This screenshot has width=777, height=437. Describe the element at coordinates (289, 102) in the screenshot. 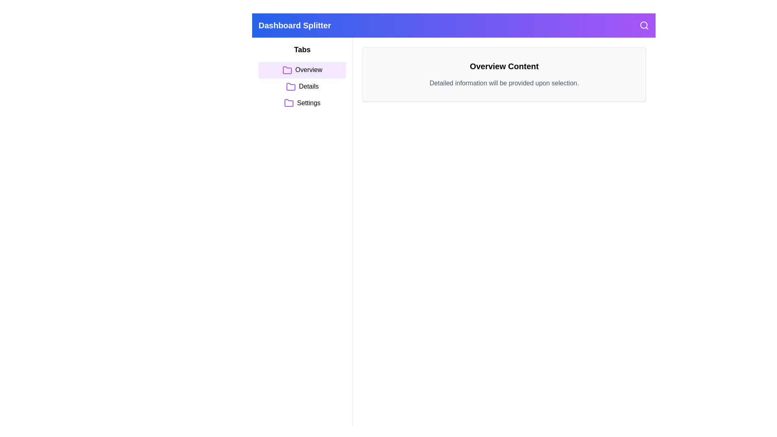

I see `the 'Settings' tab icon located in the sidebar navigation menu, which is the third item below the 'Details' tab` at that location.